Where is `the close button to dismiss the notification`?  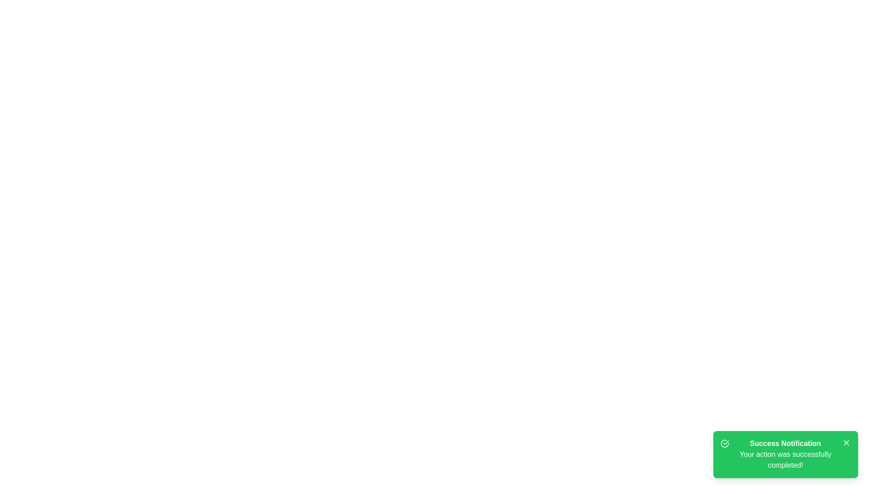
the close button to dismiss the notification is located at coordinates (846, 442).